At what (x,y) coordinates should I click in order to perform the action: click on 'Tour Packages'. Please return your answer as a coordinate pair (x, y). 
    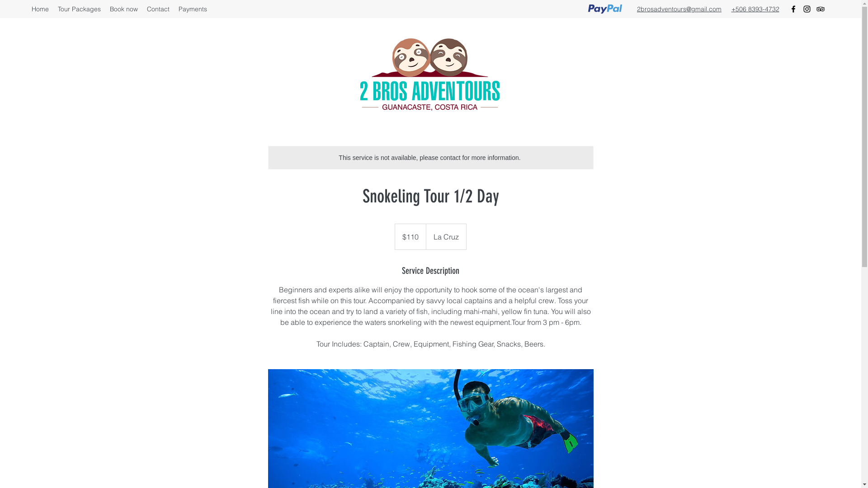
    Looking at the image, I should click on (53, 9).